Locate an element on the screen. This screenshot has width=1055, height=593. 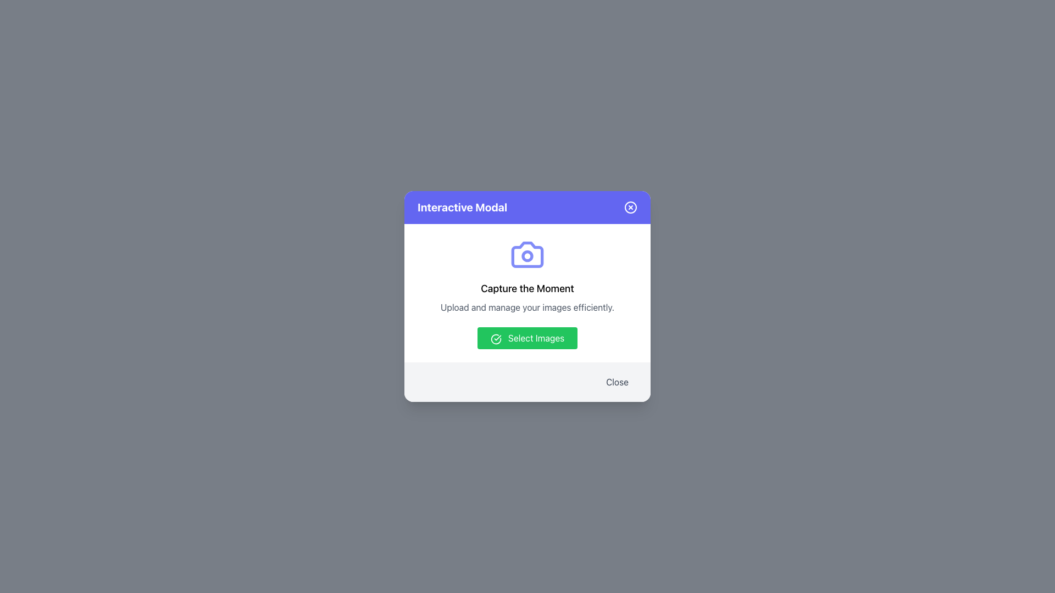
the close button located in the bottom-right corner of the light gray panel within the modal dialog is located at coordinates (617, 381).